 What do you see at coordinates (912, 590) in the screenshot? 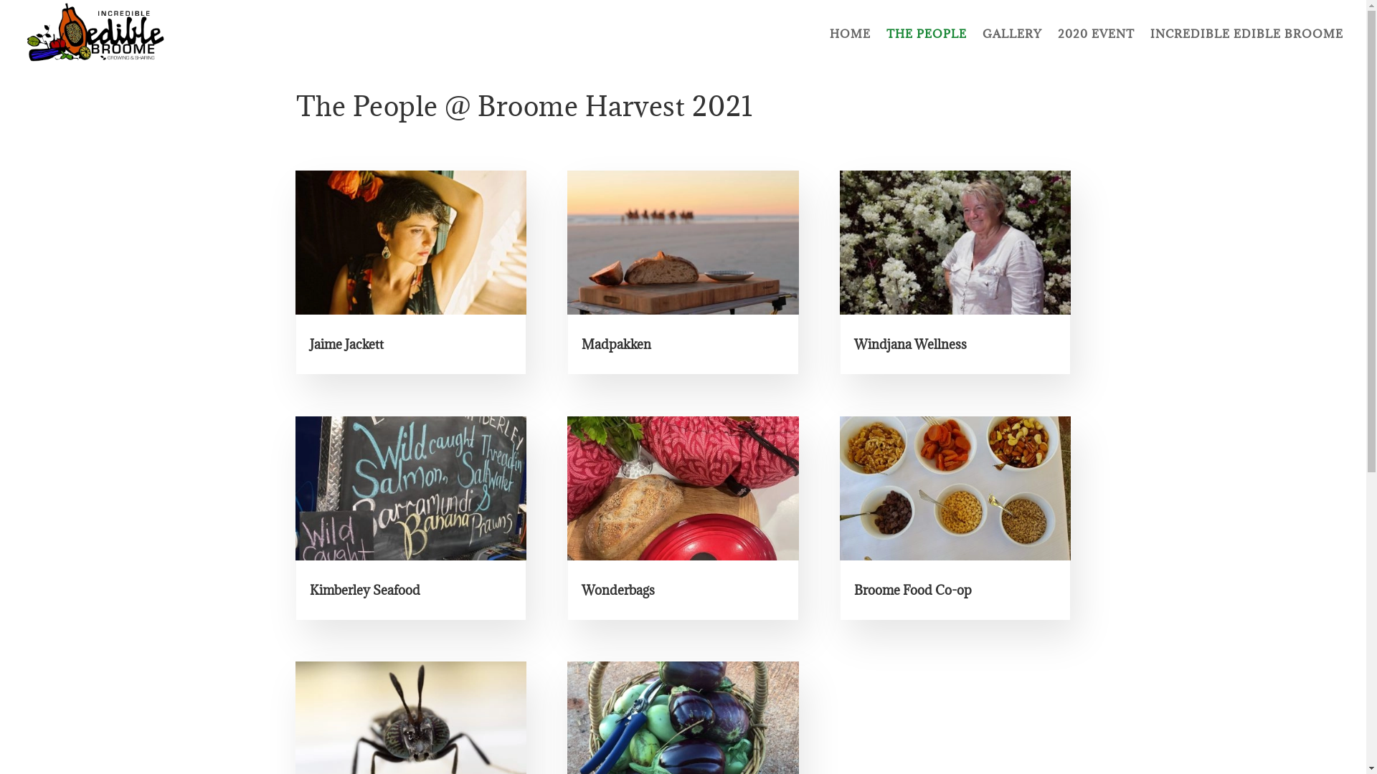
I see `'Broome Food Co-op'` at bounding box center [912, 590].